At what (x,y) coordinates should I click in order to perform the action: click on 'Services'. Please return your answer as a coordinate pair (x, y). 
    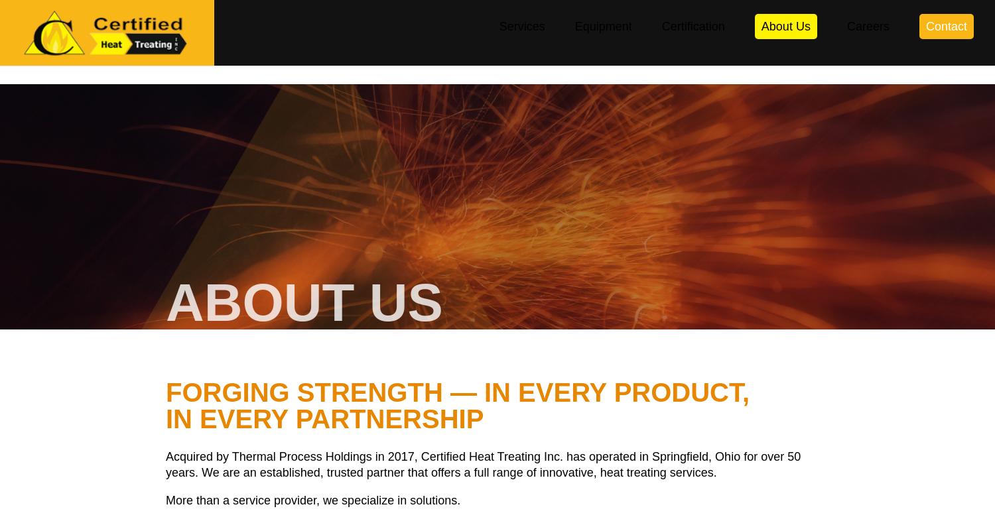
    Looking at the image, I should click on (521, 45).